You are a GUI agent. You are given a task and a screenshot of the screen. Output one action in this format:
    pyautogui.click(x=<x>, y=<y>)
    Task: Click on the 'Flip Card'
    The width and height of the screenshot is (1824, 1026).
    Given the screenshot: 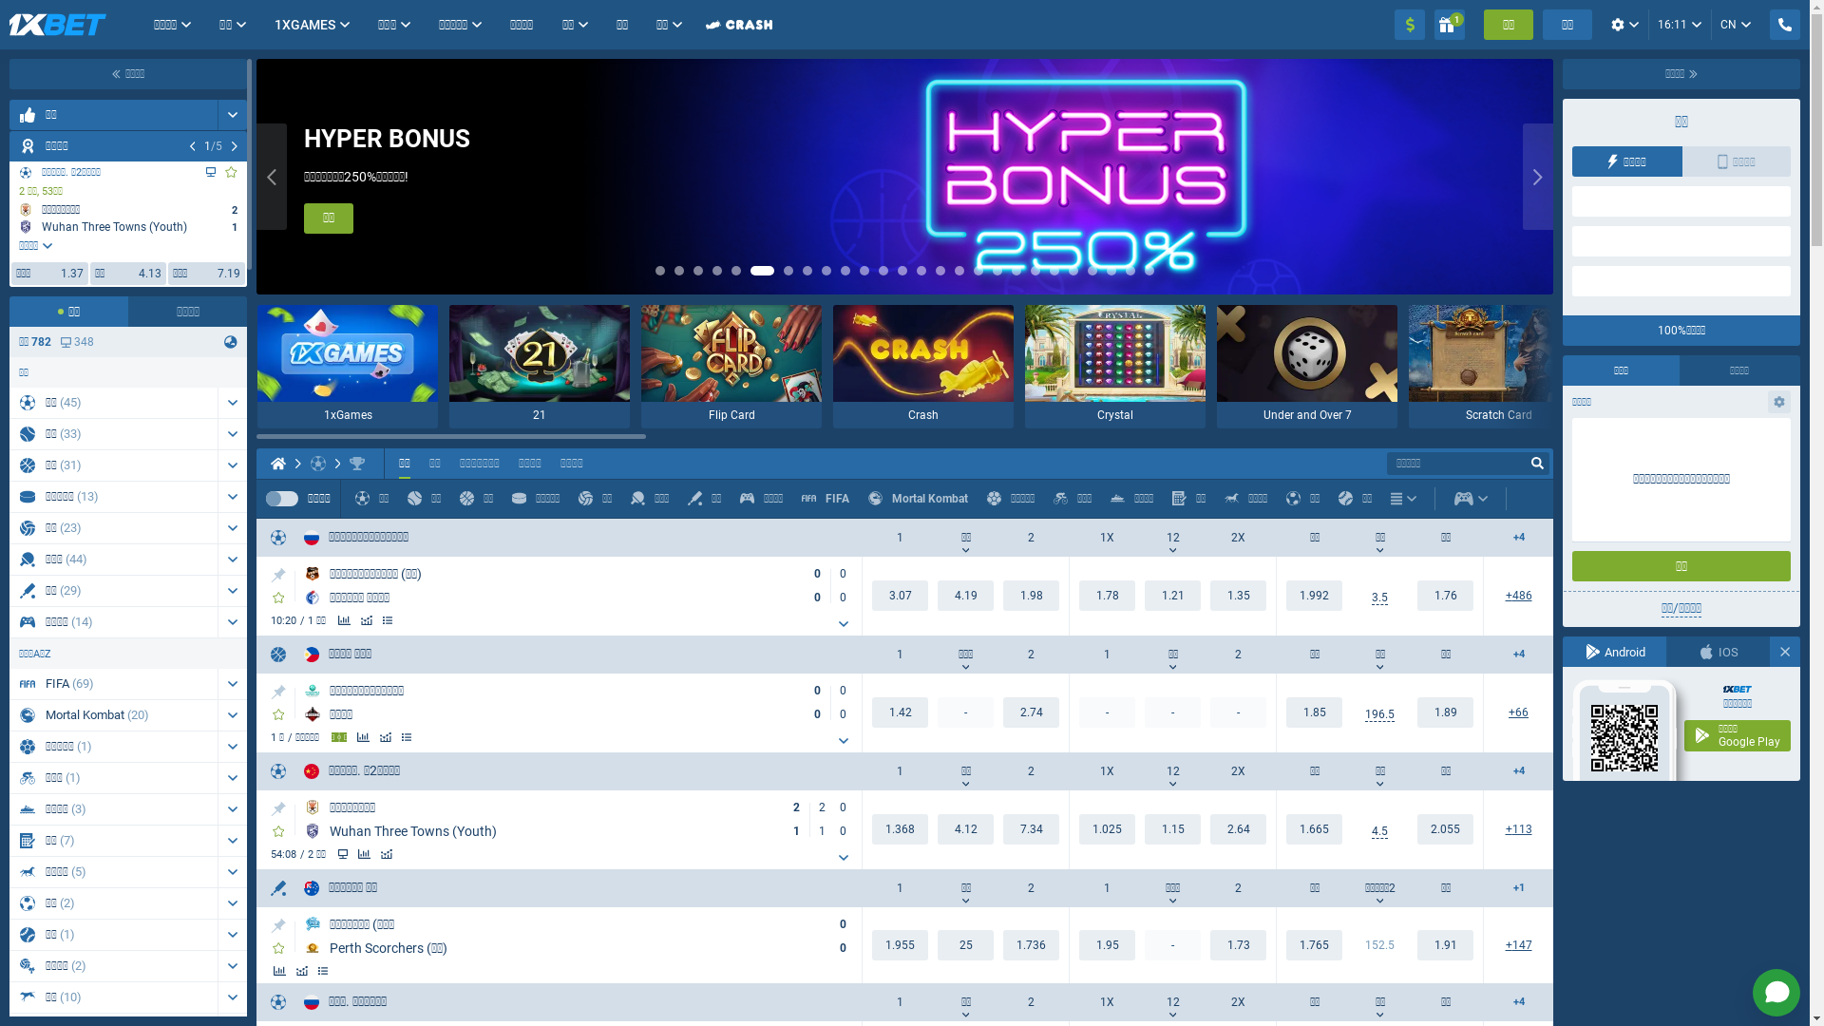 What is the action you would take?
    pyautogui.click(x=730, y=366)
    